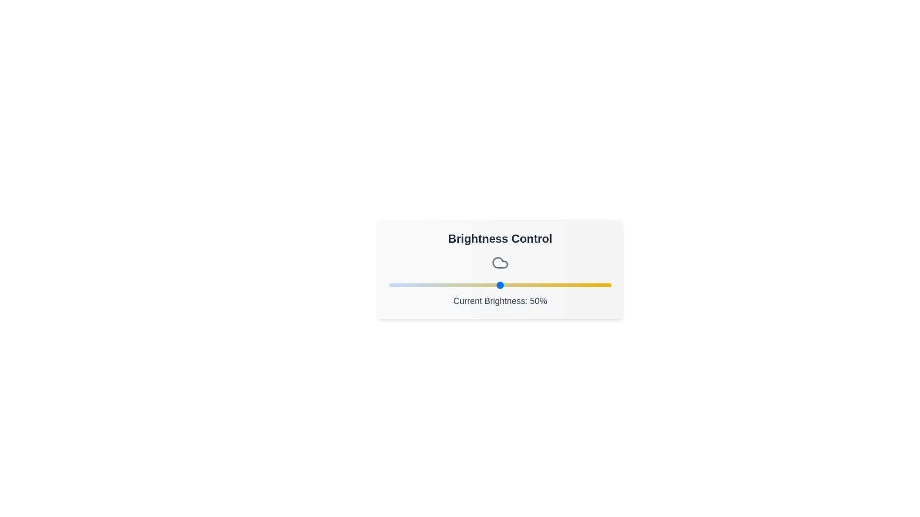  Describe the element at coordinates (606, 285) in the screenshot. I see `the brightness slider to 98% to observe the icon change` at that location.